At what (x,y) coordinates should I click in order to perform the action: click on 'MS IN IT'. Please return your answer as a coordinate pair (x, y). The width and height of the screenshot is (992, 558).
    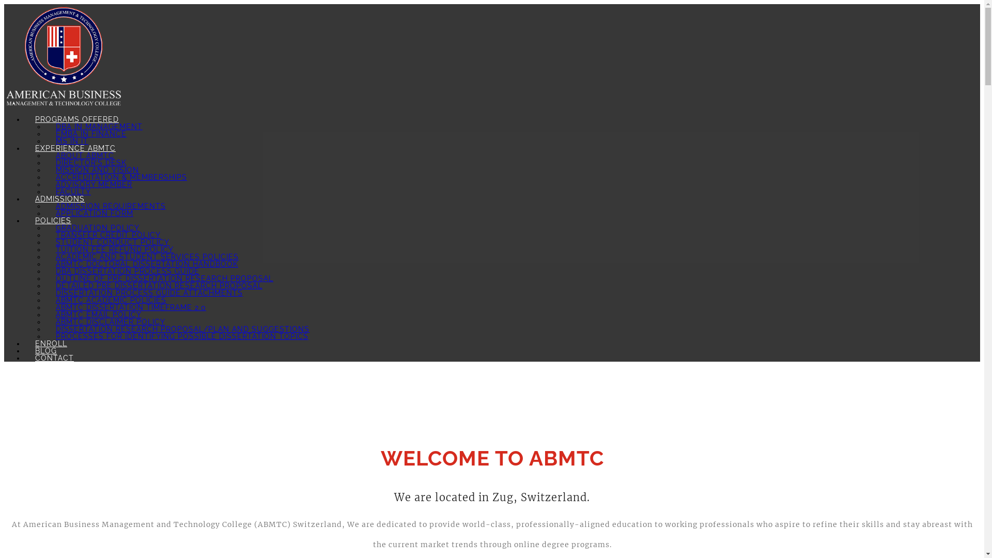
    Looking at the image, I should click on (71, 141).